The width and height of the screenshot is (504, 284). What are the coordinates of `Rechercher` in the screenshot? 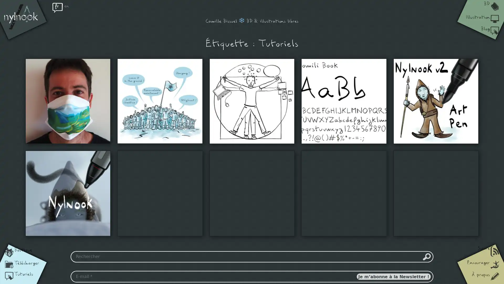 It's located at (427, 256).